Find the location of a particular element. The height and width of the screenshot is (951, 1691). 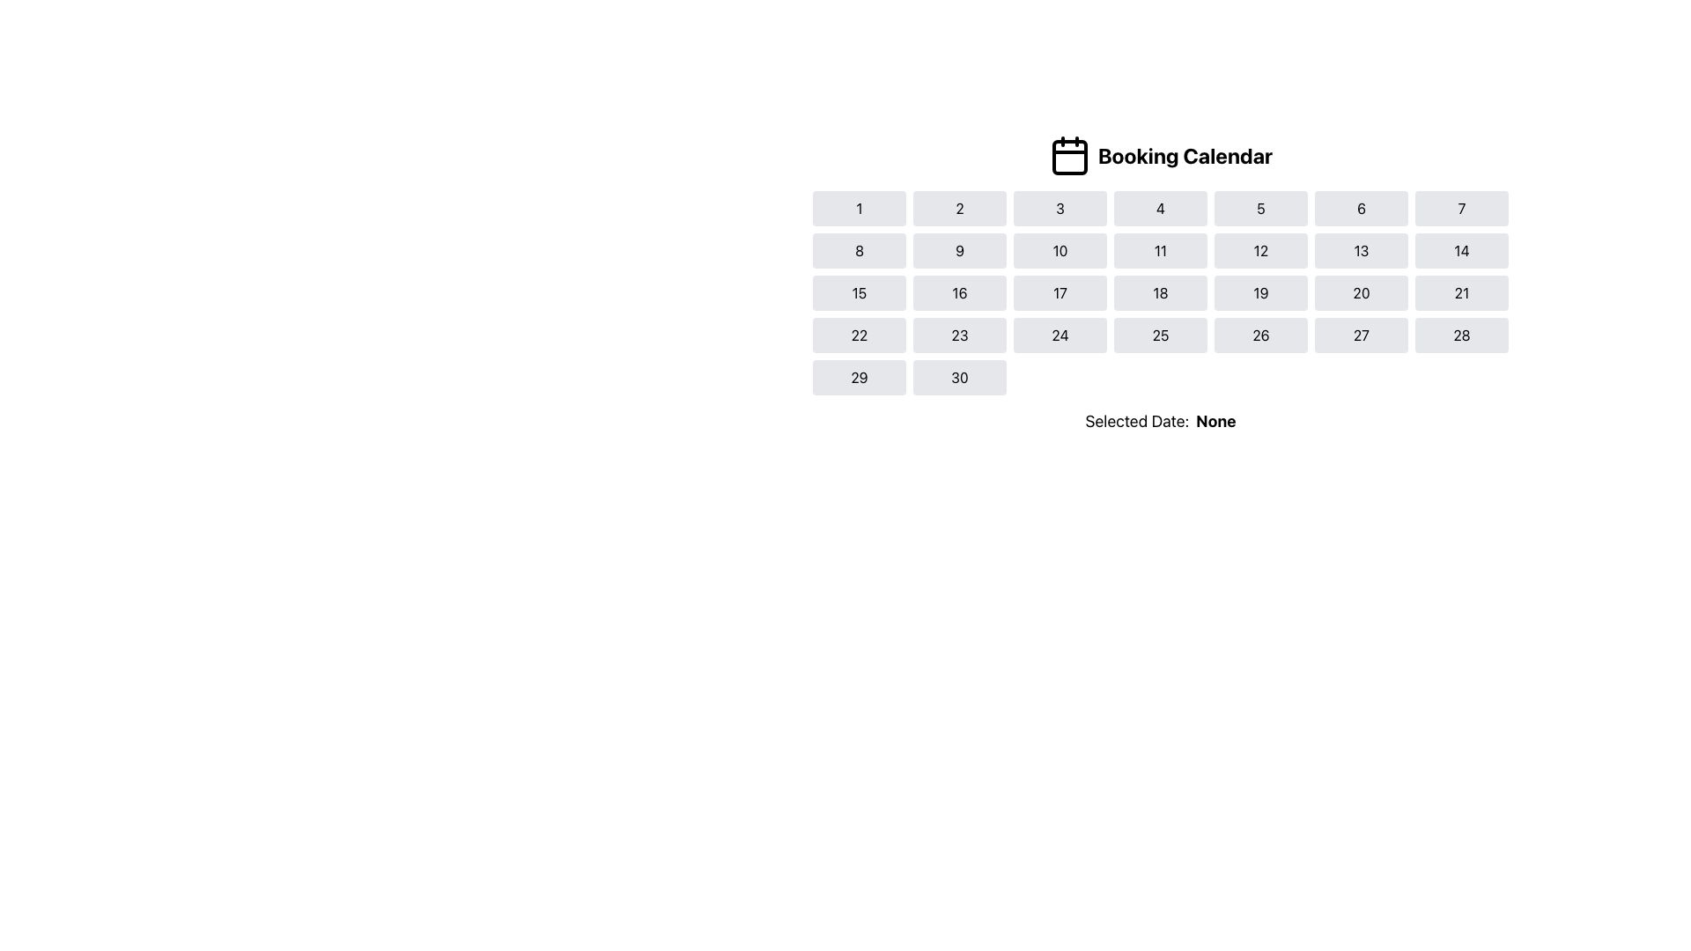

the rectangular button labeled '26' with a light gray background located in the fourth row and fifth column of the calendar grid is located at coordinates (1259, 335).